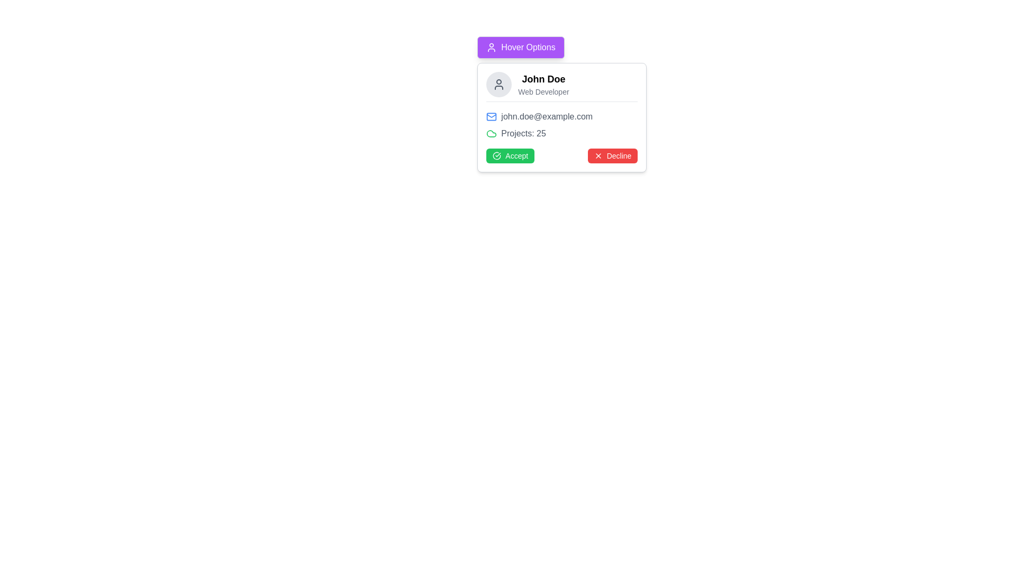 The width and height of the screenshot is (1016, 571). What do you see at coordinates (543, 91) in the screenshot?
I see `the text label that conveys the role or title of the individual in the profile card context, positioned immediately below 'John Doe'` at bounding box center [543, 91].